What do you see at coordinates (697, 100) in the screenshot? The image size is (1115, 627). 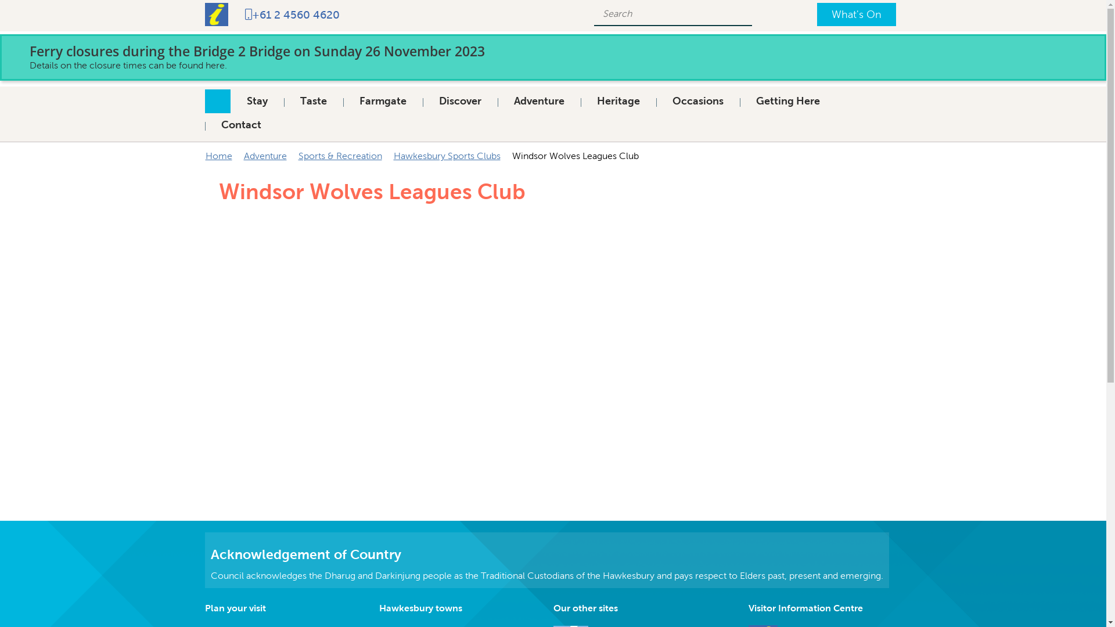 I see `'Occasions'` at bounding box center [697, 100].